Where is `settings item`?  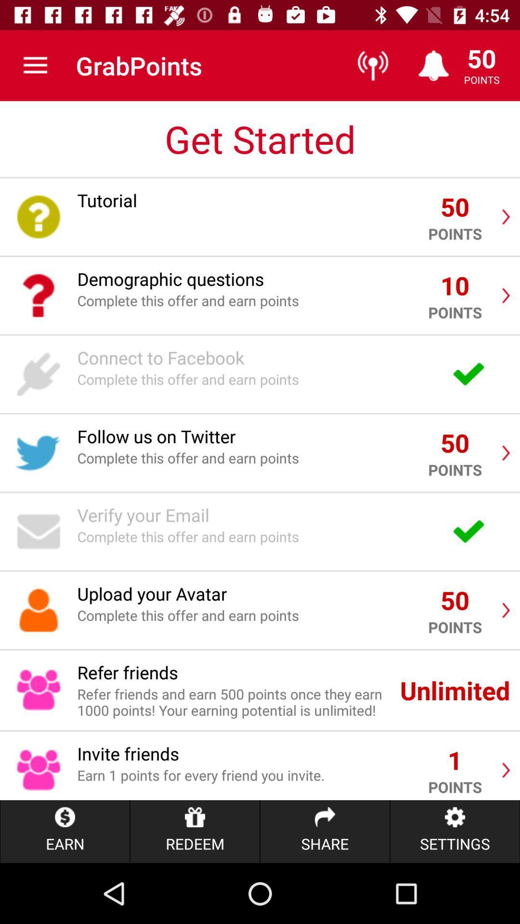
settings item is located at coordinates (455, 831).